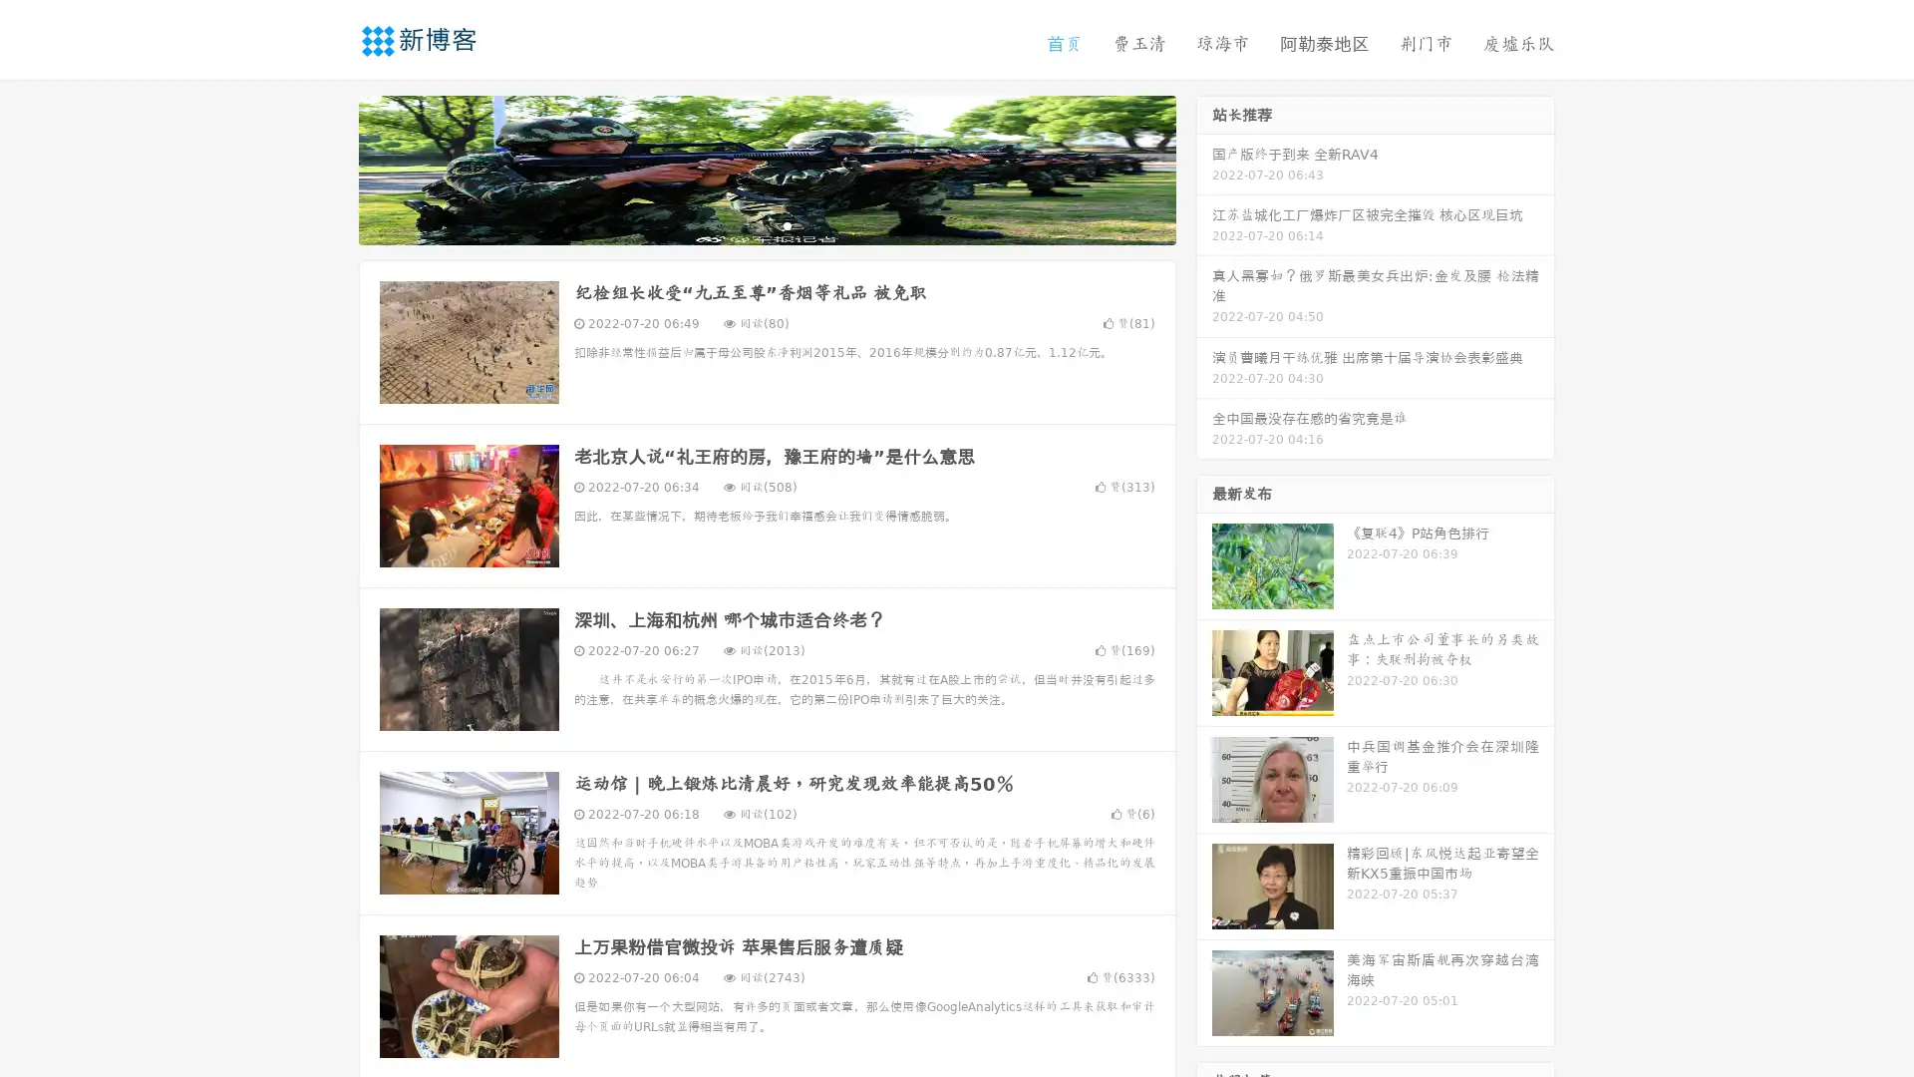  What do you see at coordinates (1204, 168) in the screenshot?
I see `Next slide` at bounding box center [1204, 168].